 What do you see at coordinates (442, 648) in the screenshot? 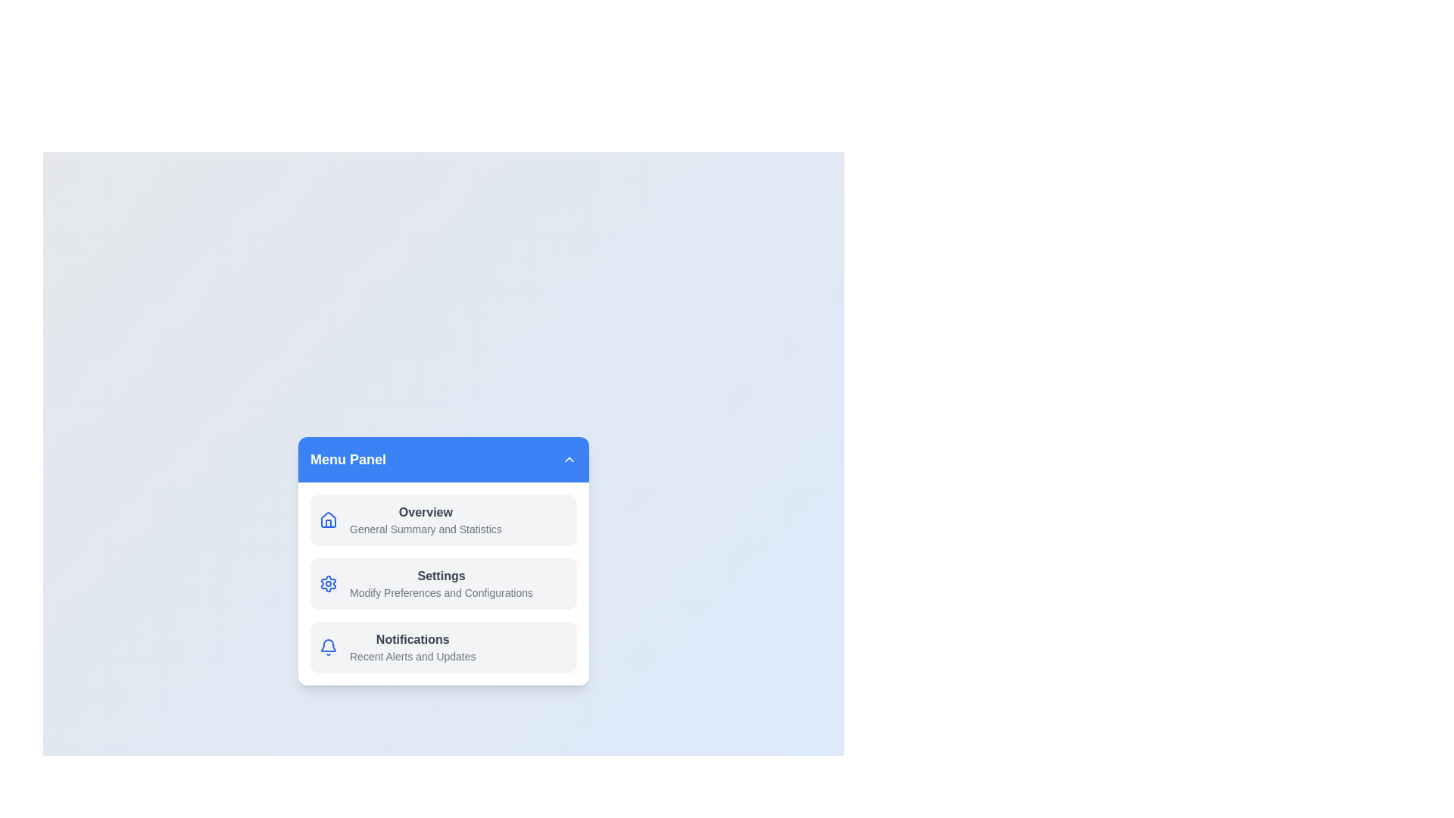
I see `the menu item labeled Notifications to view its hover effect` at bounding box center [442, 648].